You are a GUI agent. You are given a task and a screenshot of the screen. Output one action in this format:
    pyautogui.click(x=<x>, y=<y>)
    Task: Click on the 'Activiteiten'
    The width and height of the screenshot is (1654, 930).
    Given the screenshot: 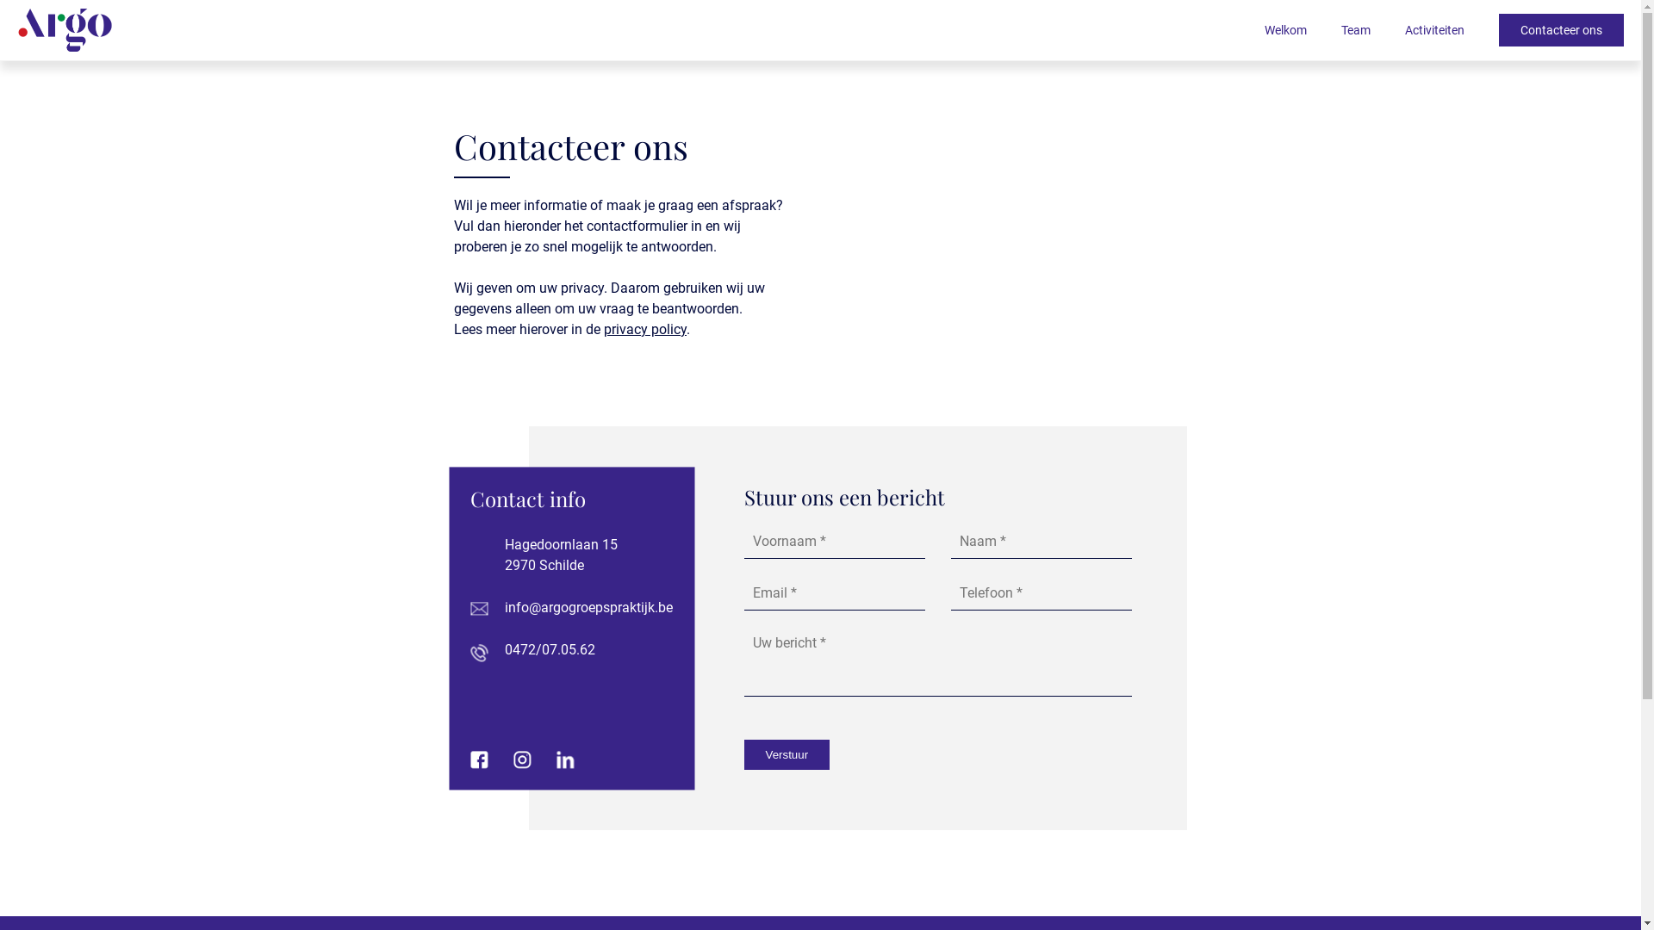 What is the action you would take?
    pyautogui.click(x=1434, y=29)
    